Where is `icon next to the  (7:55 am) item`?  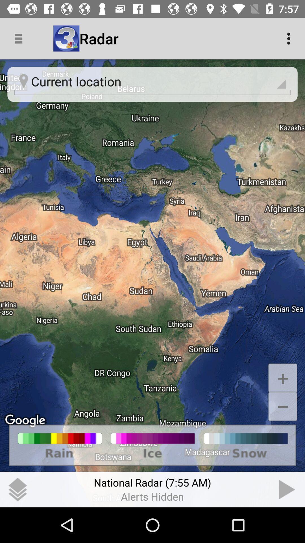 icon next to the  (7:55 am) item is located at coordinates (287, 489).